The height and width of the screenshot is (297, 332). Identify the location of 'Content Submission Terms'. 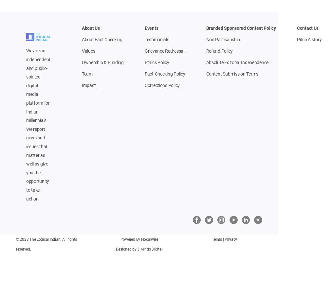
(206, 74).